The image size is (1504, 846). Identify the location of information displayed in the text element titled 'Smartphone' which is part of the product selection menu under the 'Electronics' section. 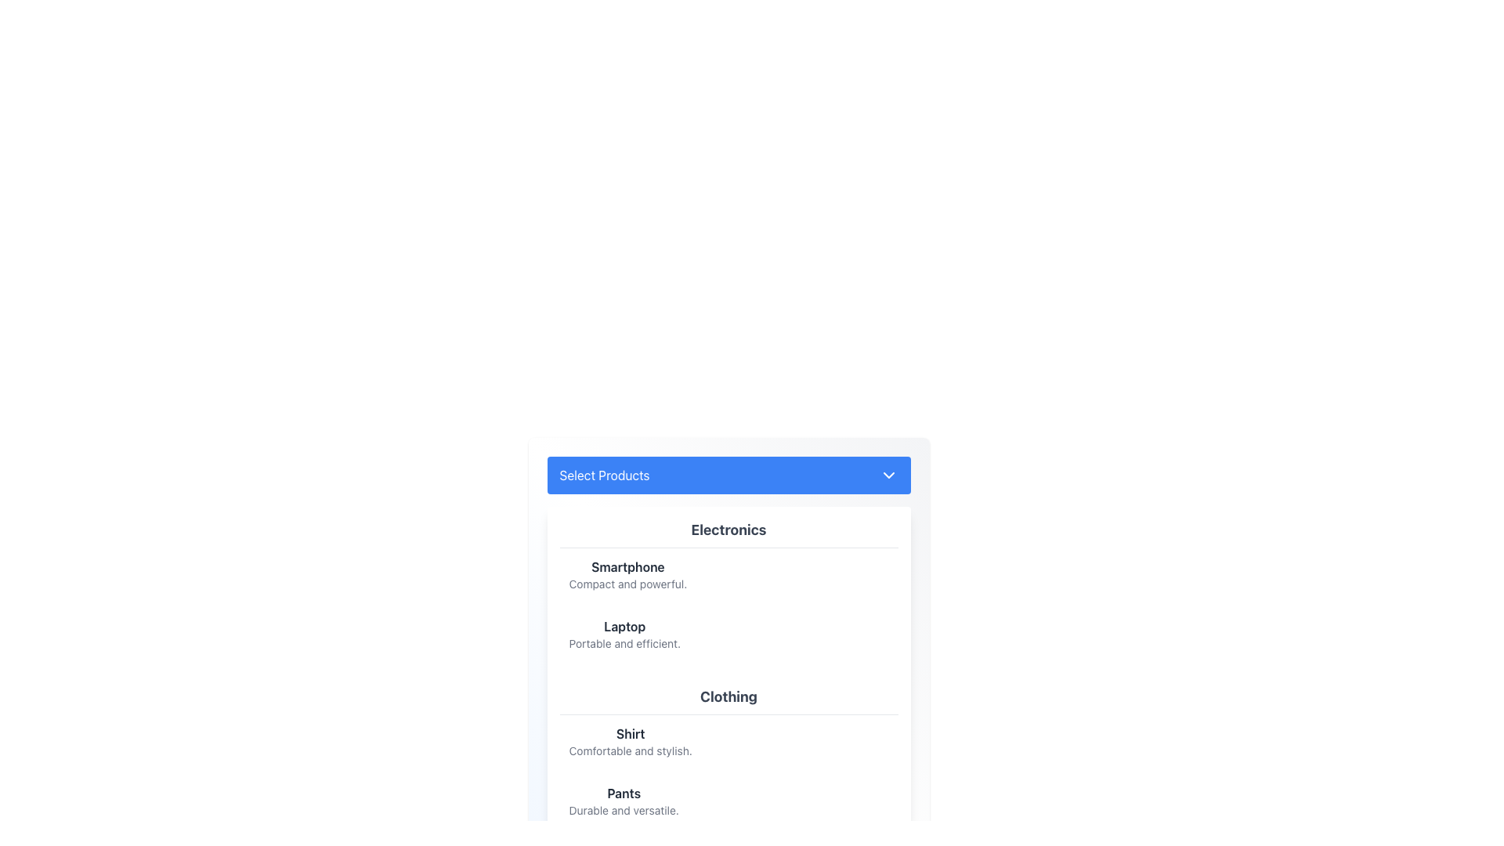
(627, 574).